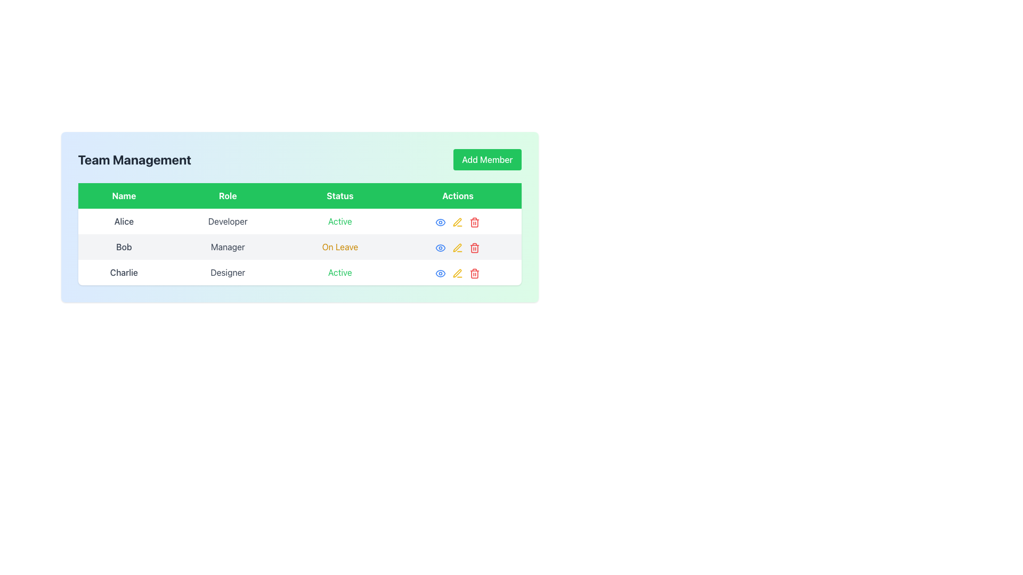  Describe the element at coordinates (441, 221) in the screenshot. I see `the first icon button in the 'Actions' column of the first row (labeled Alice) within the 'Team Management' table` at that location.